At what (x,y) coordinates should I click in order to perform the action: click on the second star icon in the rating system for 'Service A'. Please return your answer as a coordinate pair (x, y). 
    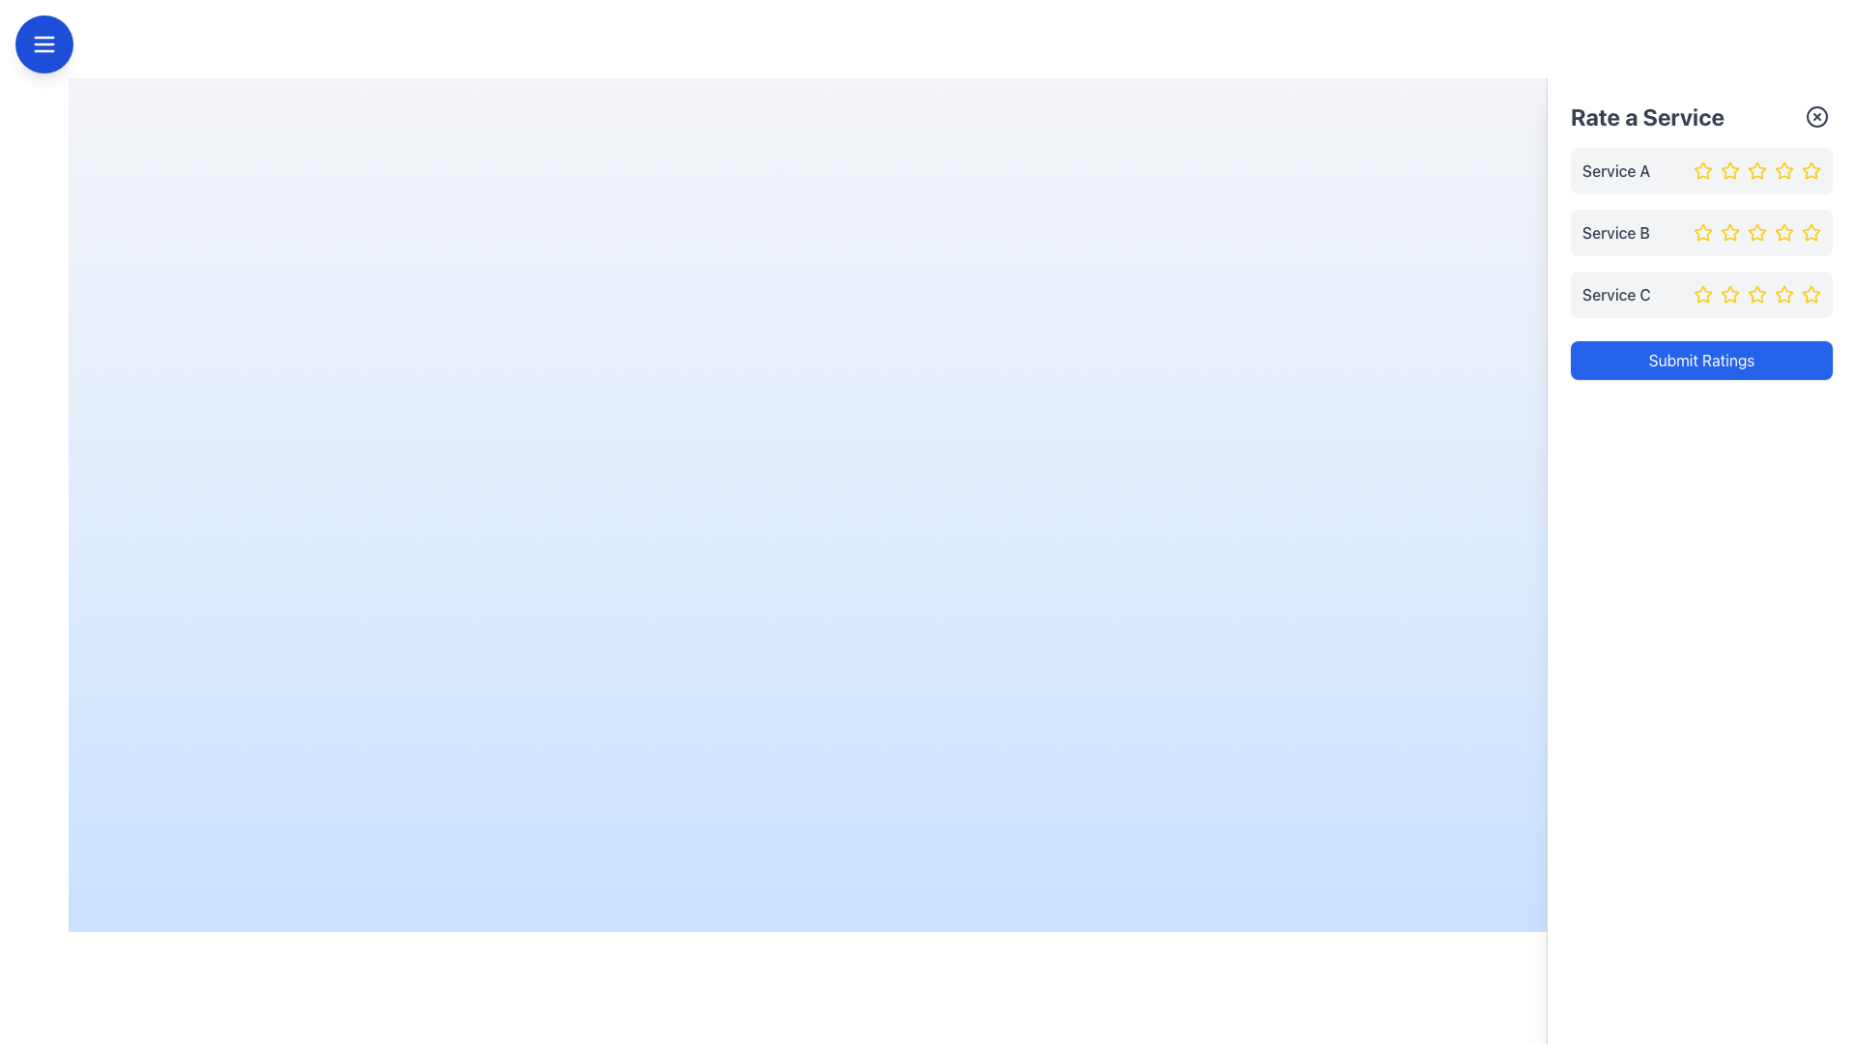
    Looking at the image, I should click on (1730, 170).